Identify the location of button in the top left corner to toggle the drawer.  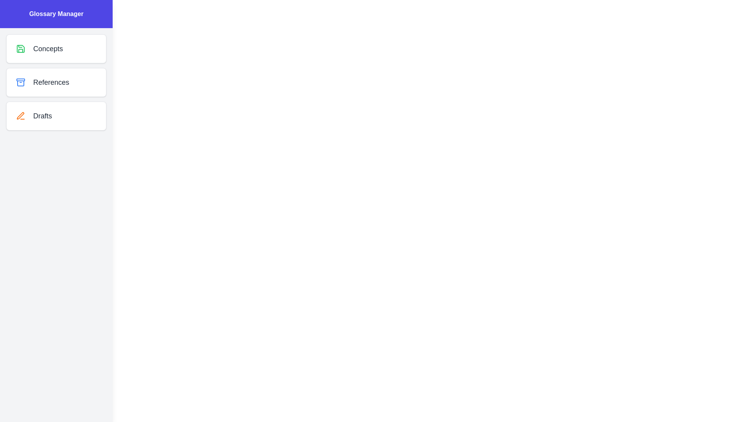
(20, 20).